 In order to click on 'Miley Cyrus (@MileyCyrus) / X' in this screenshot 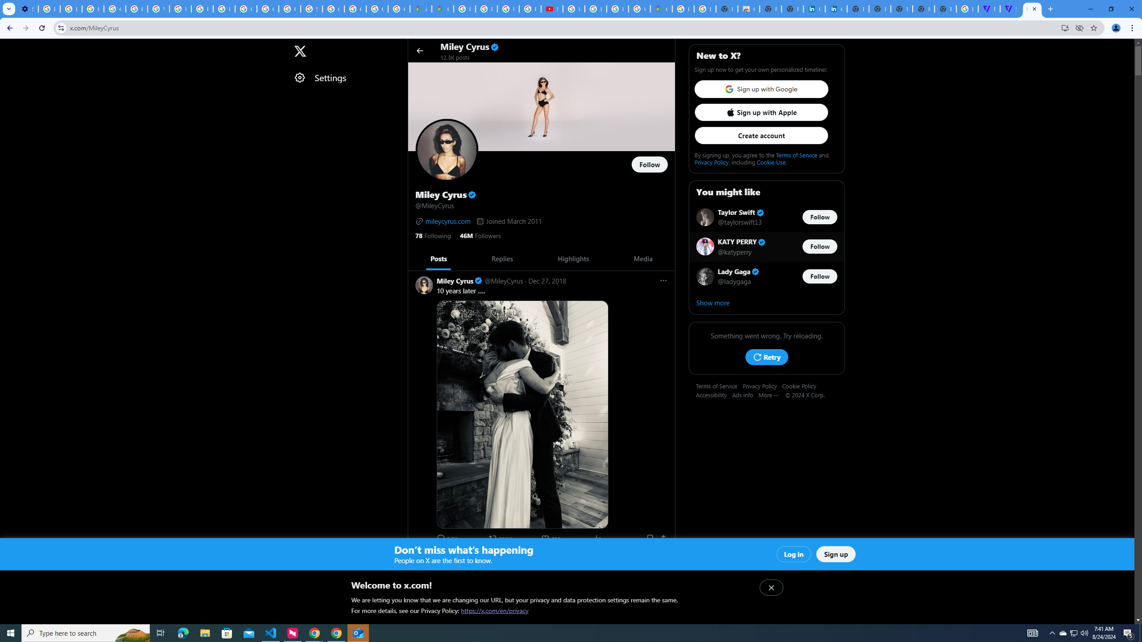, I will do `click(1032, 8)`.